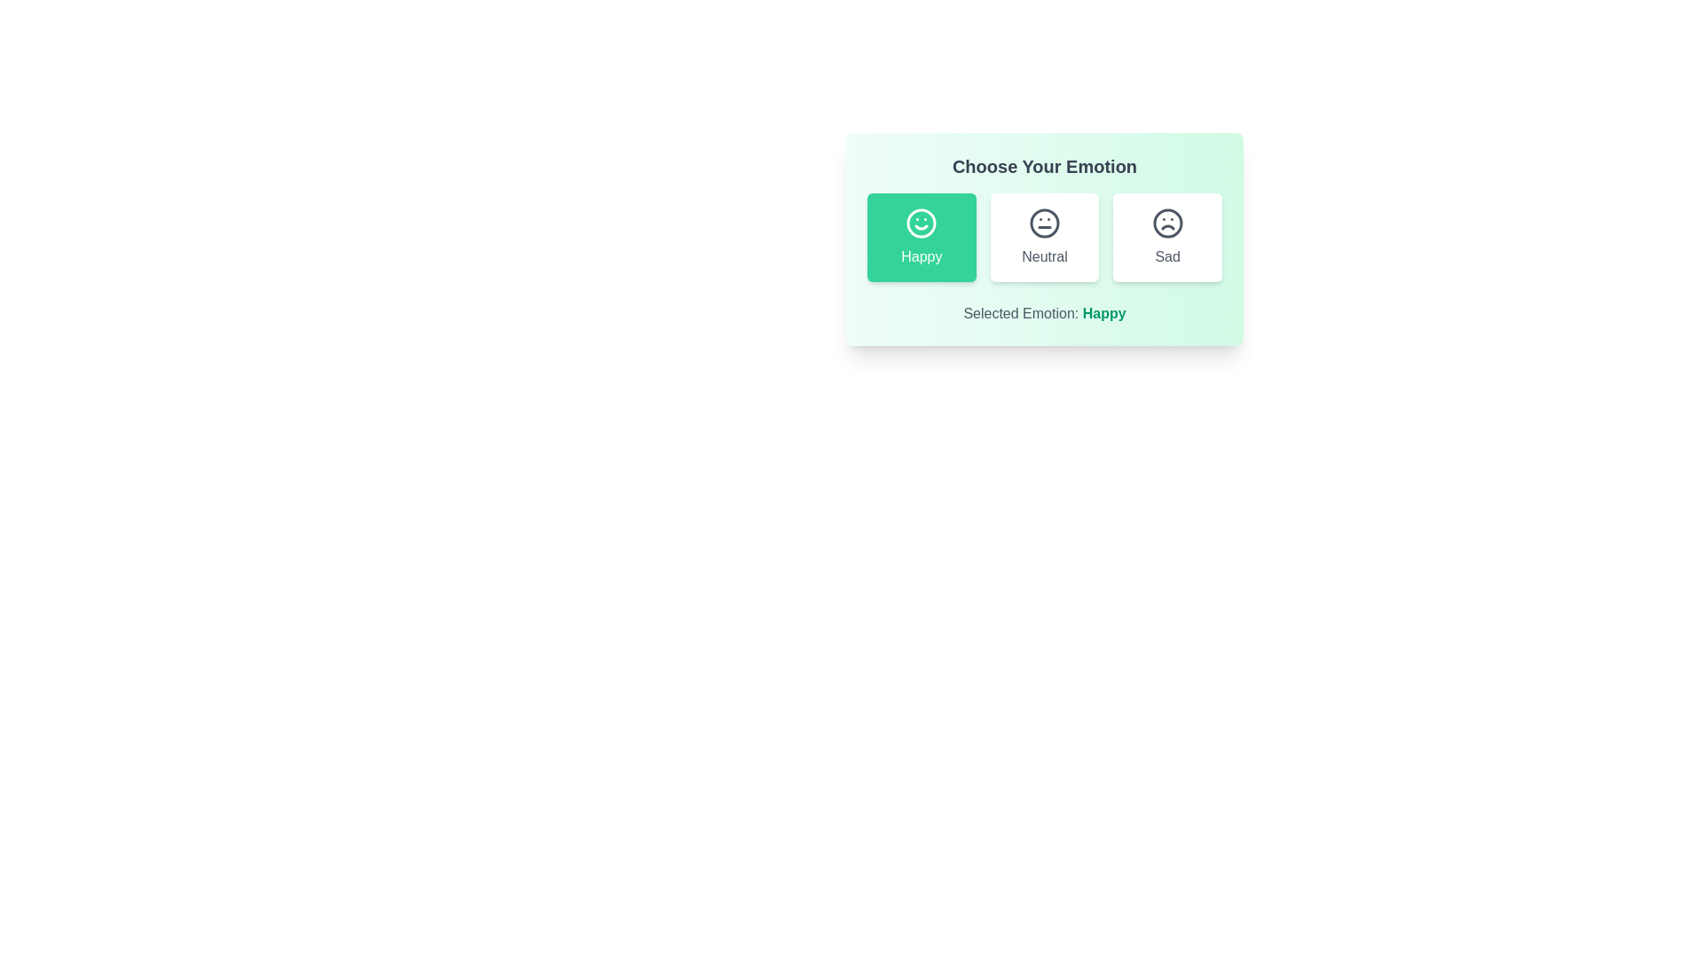 This screenshot has width=1703, height=958. I want to click on the button labeled neutral, so click(1044, 236).